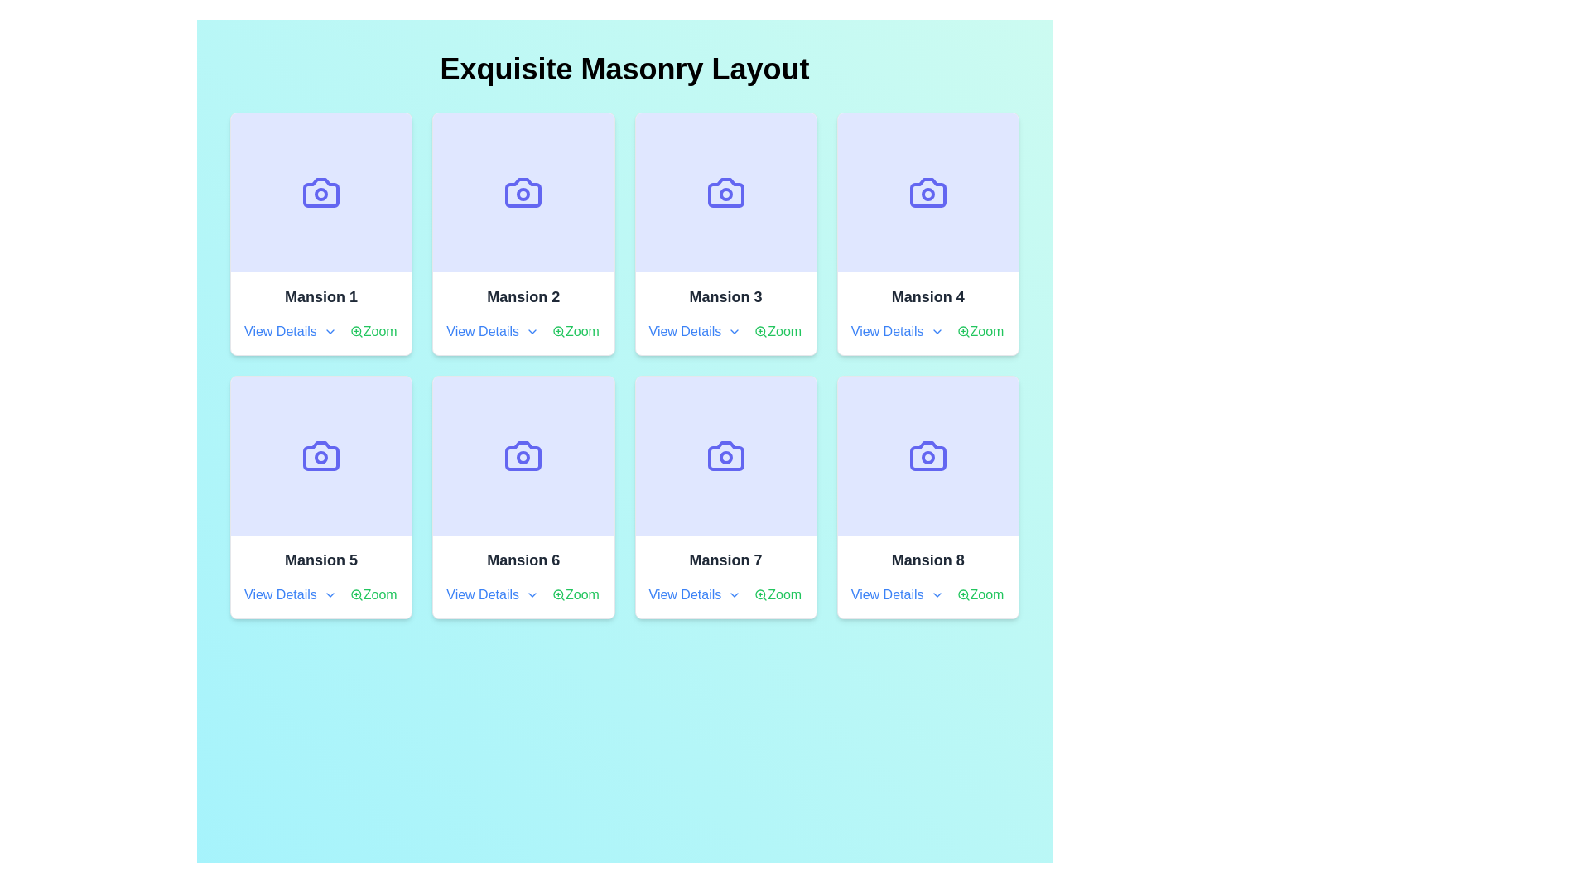 The image size is (1590, 894). I want to click on the camera icon within the card titled 'Mansion 3', located in the second row and third column of the grid layout, which signifies photography or visual content, so click(725, 191).